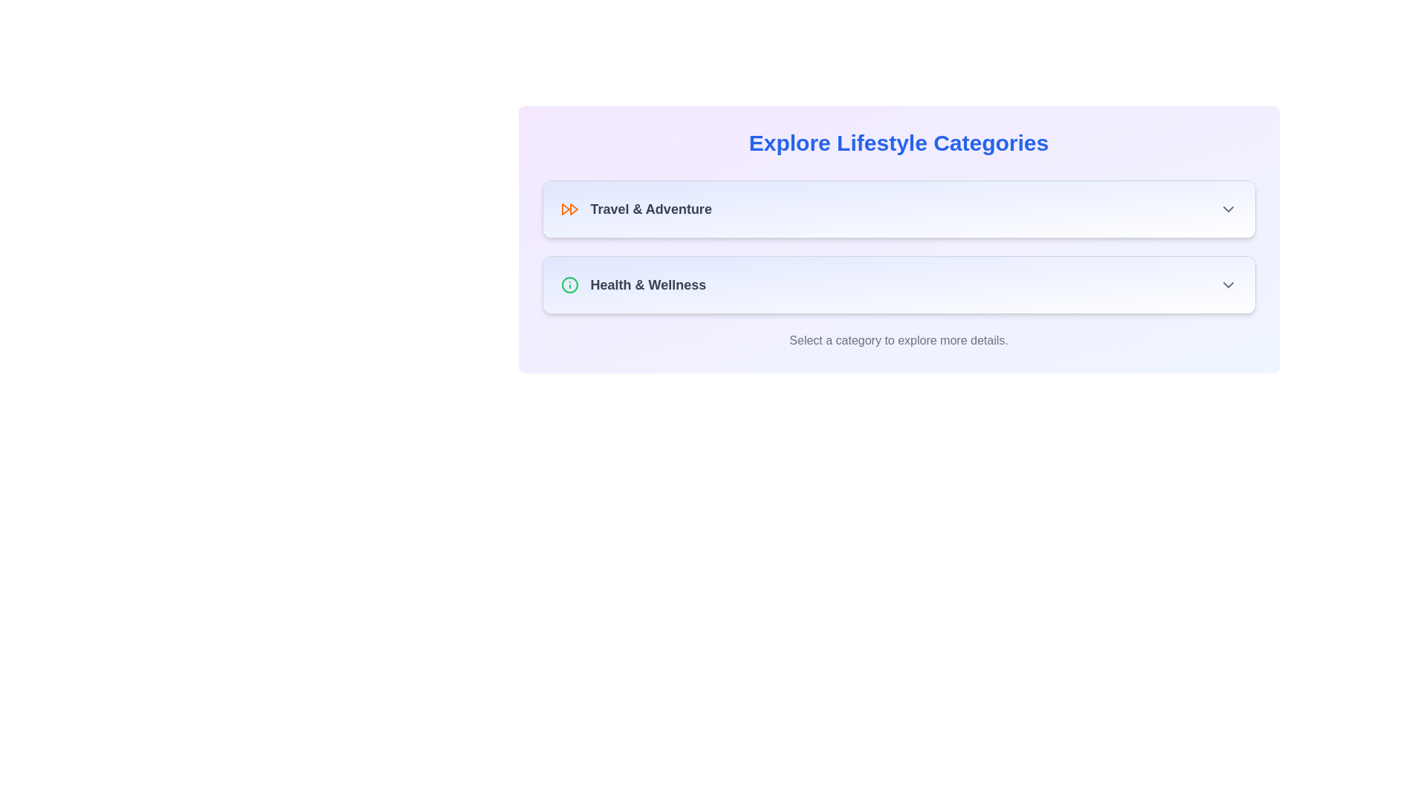 The image size is (1427, 802). I want to click on the 'Travel & Adventure' clickable label with the double arrow icon, so click(636, 209).